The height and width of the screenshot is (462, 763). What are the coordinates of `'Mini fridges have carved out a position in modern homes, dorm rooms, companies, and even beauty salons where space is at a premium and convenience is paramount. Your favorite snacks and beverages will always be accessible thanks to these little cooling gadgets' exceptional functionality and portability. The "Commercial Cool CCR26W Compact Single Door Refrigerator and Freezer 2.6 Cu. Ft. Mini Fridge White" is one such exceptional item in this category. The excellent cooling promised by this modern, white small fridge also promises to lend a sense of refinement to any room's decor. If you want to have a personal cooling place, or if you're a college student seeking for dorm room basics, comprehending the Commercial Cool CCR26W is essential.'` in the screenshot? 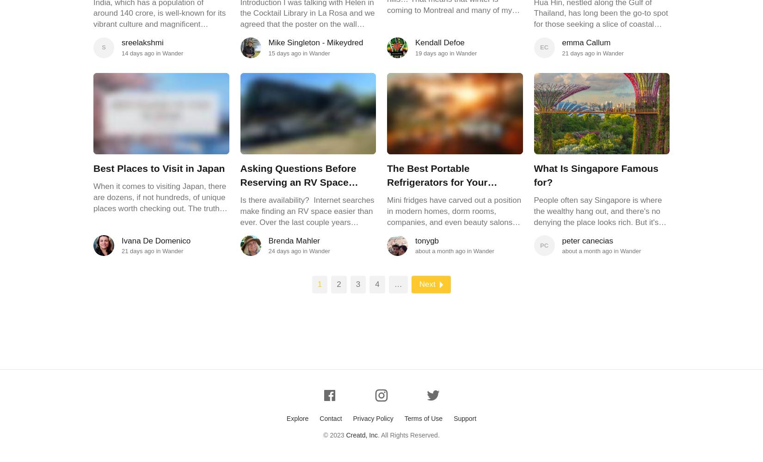 It's located at (455, 316).